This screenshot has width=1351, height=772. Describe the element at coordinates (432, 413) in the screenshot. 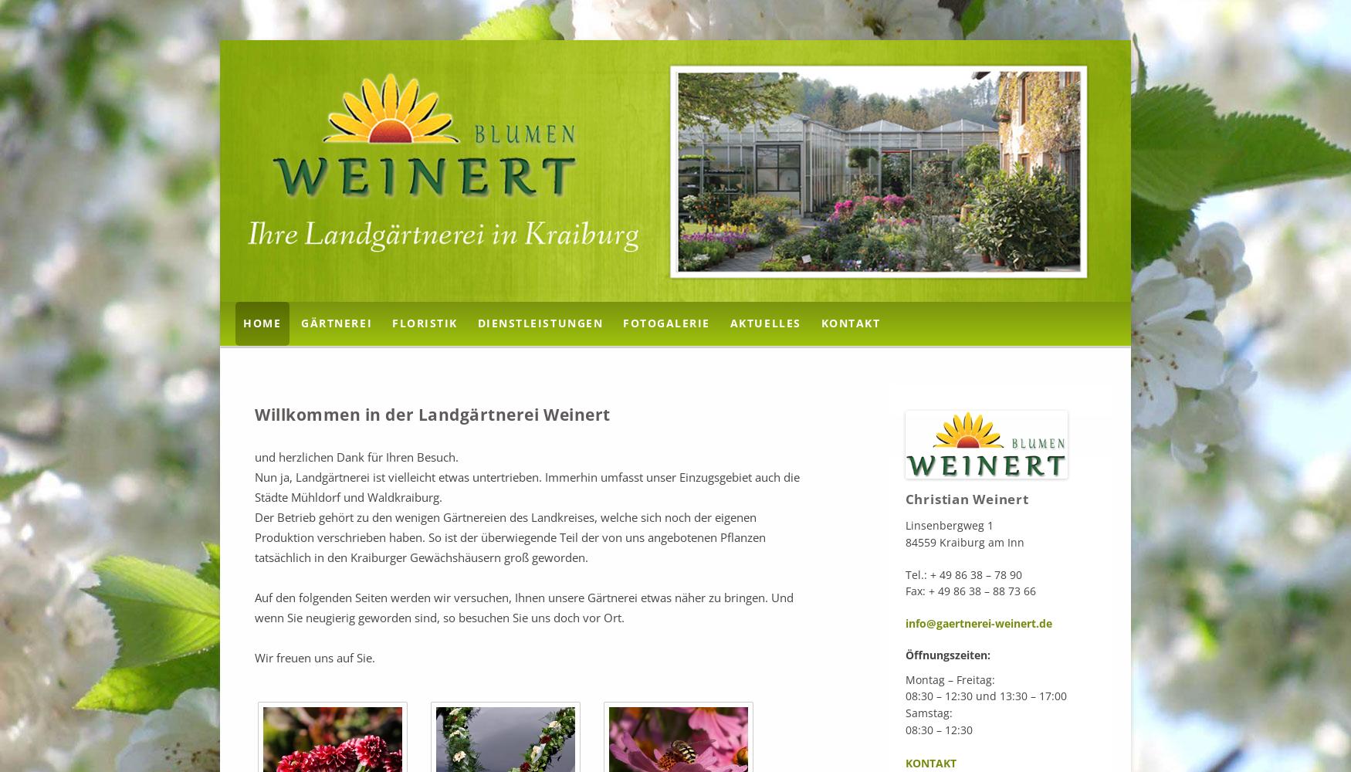

I see `'Willkommen in der Landgärtnerei Weinert'` at that location.